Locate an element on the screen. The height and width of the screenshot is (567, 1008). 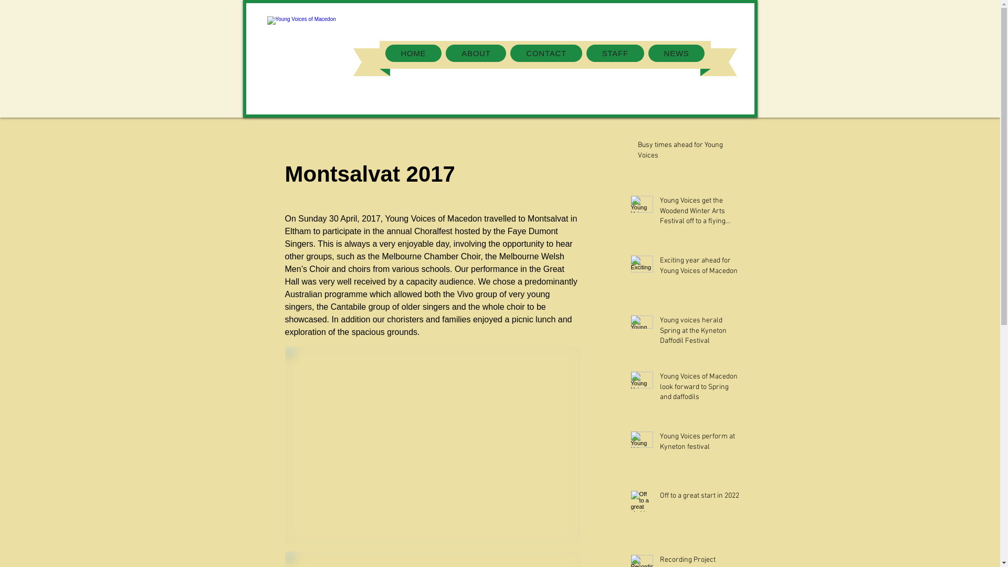
'Busy times ahead for Young Voices' is located at coordinates (688, 152).